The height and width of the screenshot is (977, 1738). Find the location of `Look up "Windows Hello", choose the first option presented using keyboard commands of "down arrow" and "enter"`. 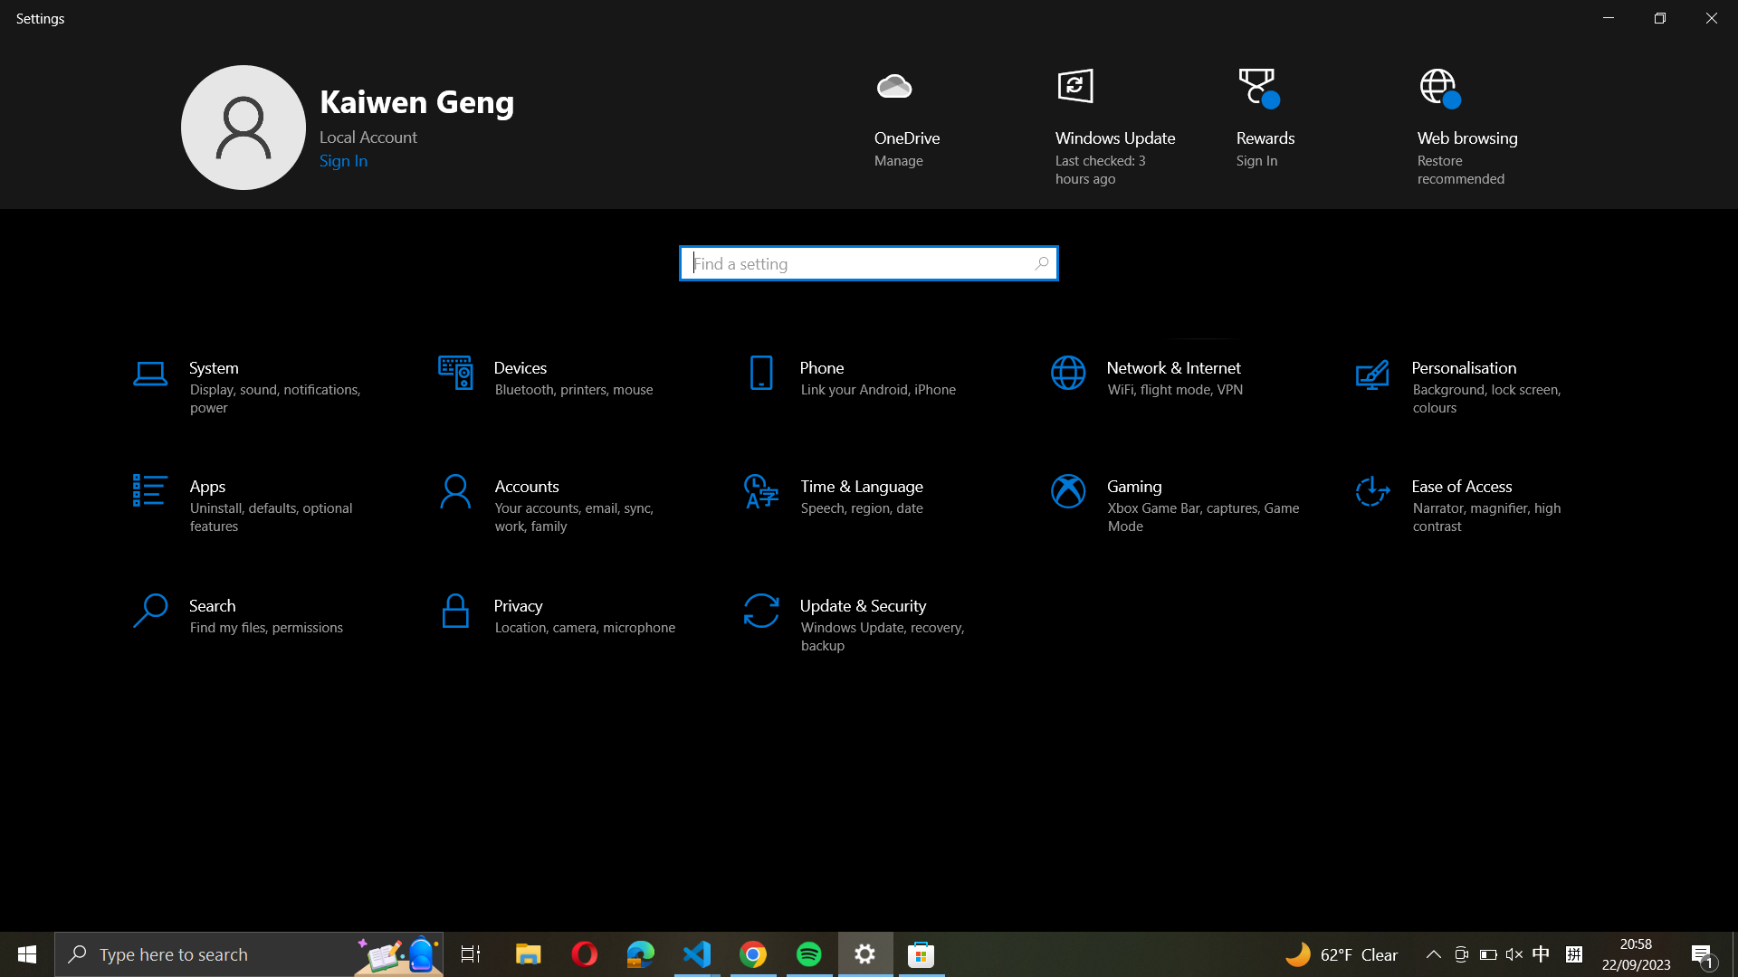

Look up "Windows Hello", choose the first option presented using keyboard commands of "down arrow" and "enter" is located at coordinates (867, 261).